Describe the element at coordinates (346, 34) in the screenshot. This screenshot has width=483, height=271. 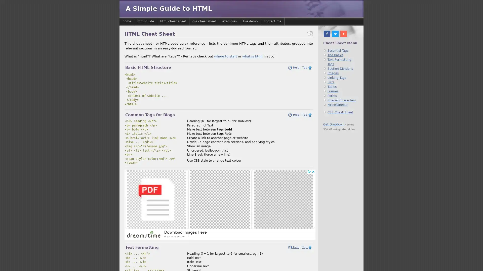
I see `Share to More 2.4K` at that location.